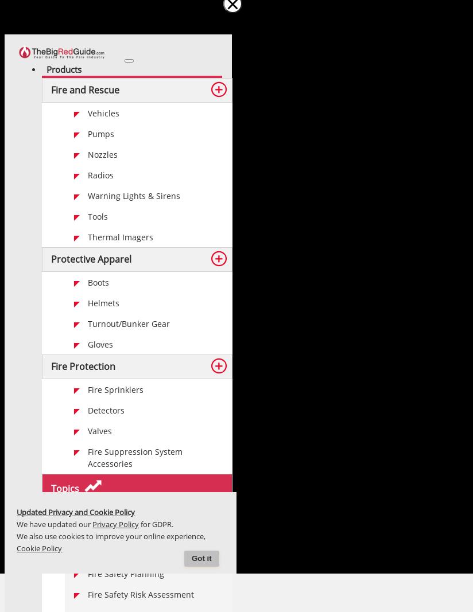 This screenshot has height=612, width=473. Describe the element at coordinates (120, 236) in the screenshot. I see `'Thermal Imagers'` at that location.